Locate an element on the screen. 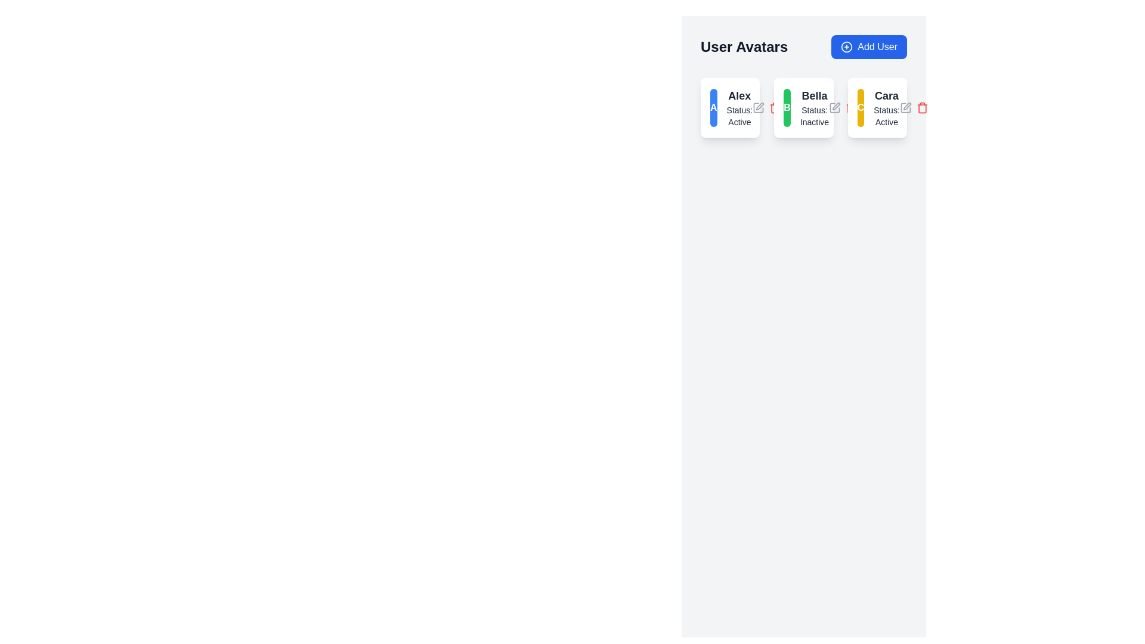  text label located at the top left of the user avatars section, adjacent to the 'Add User' button is located at coordinates (744, 46).